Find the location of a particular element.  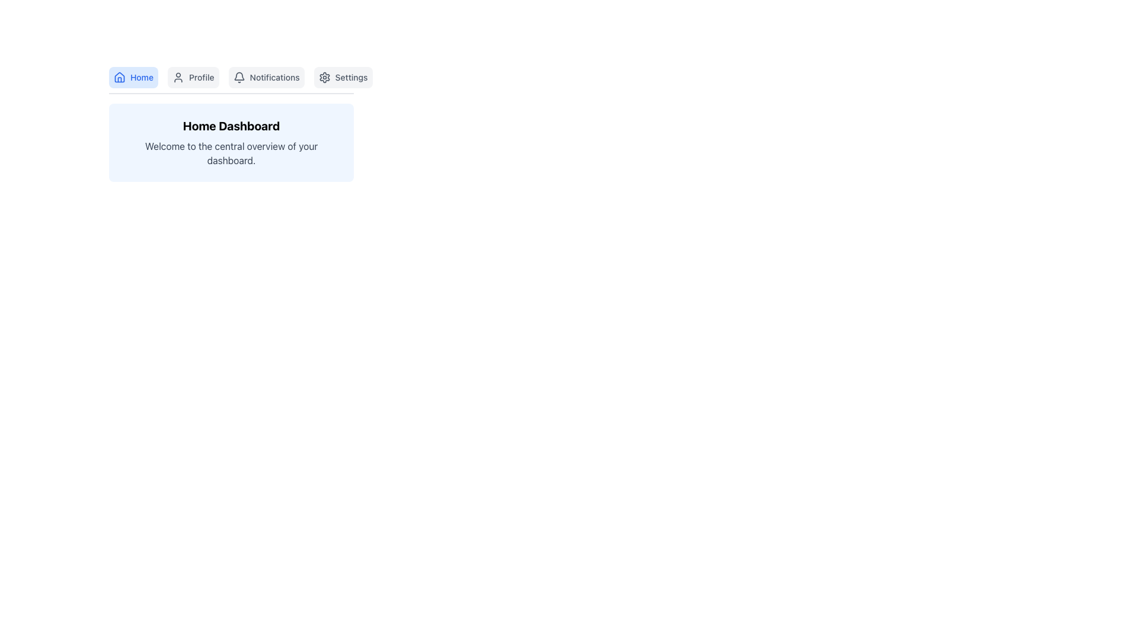

the 'Home Dashboard' text label, which is a bold textual display in black, positioned at the top of a light blue box below the navigation bar is located at coordinates (231, 126).